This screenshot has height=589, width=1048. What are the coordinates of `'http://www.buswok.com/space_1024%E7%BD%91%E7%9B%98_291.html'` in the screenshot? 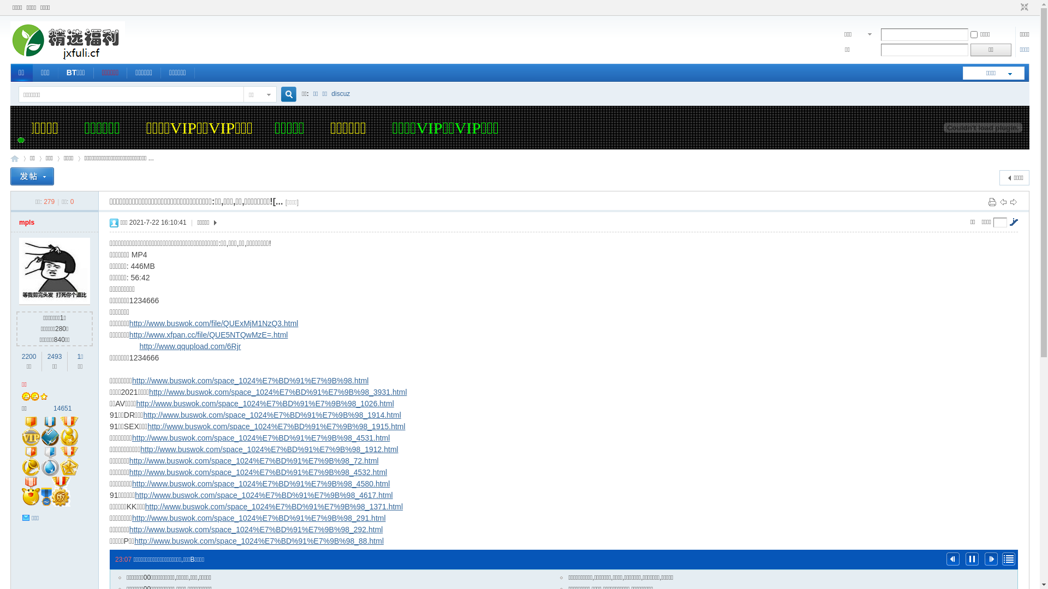 It's located at (258, 517).